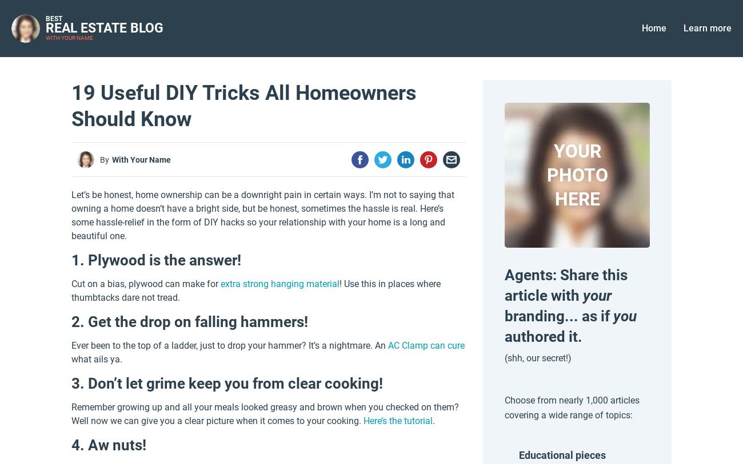 The height and width of the screenshot is (464, 743). Describe the element at coordinates (387, 345) in the screenshot. I see `'AC Clamp can cure'` at that location.